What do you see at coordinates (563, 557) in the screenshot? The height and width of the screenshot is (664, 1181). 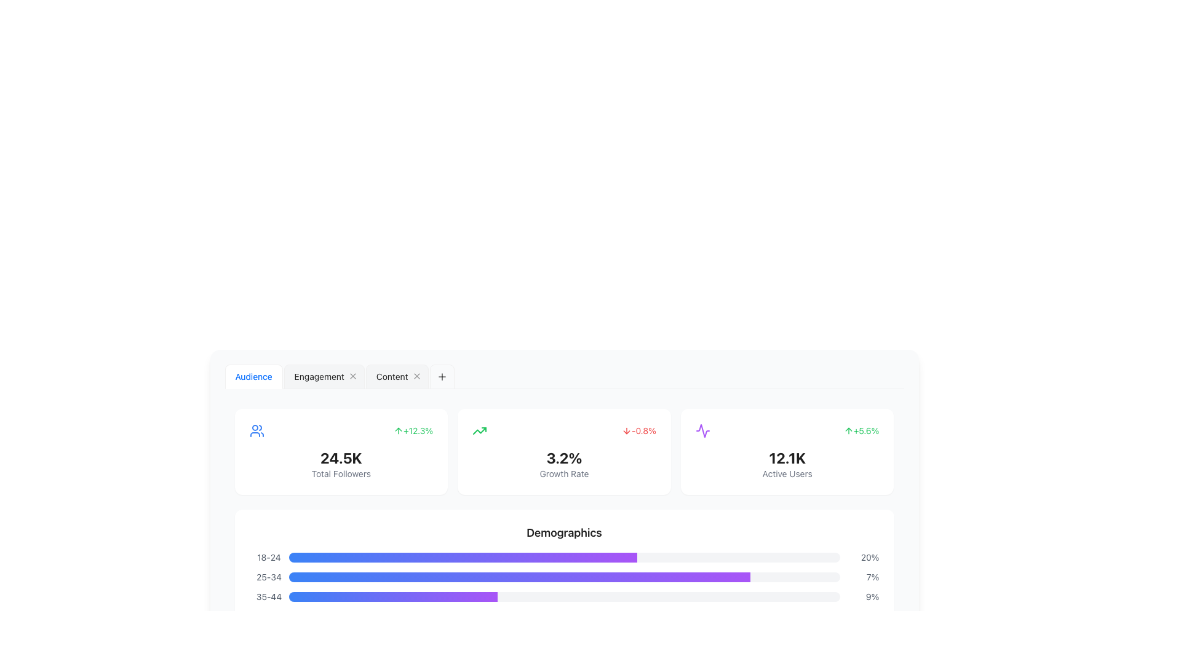 I see `the progress value on the horizontal progress bar located under the heading 'Demographics', which indicates the completion for the 18-24 demographic range` at bounding box center [563, 557].